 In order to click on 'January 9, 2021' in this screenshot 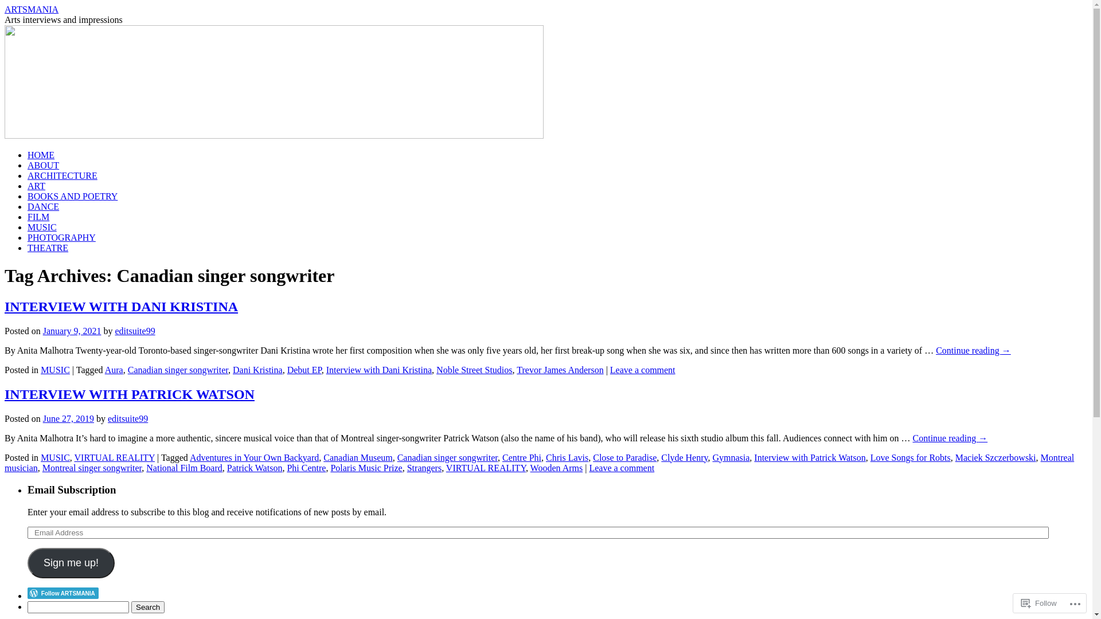, I will do `click(71, 331)`.